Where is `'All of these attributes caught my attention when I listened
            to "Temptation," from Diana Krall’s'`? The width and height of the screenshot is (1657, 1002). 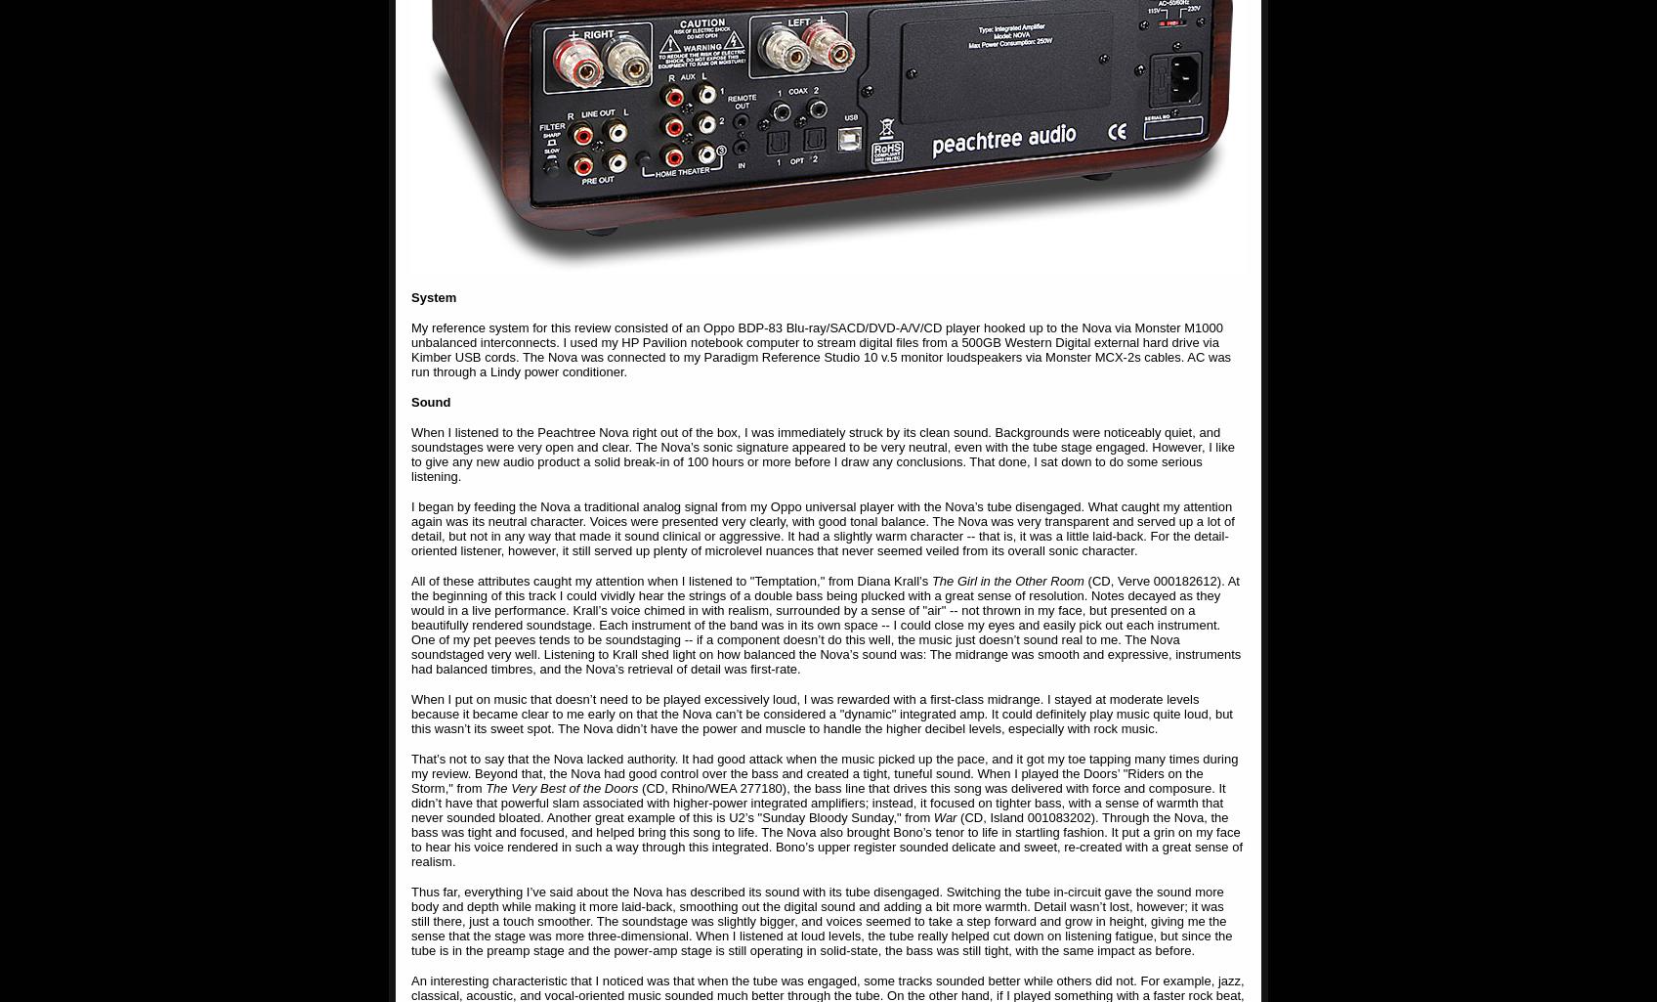
'All of these attributes caught my attention when I listened
            to "Temptation," from Diana Krall’s' is located at coordinates (670, 581).